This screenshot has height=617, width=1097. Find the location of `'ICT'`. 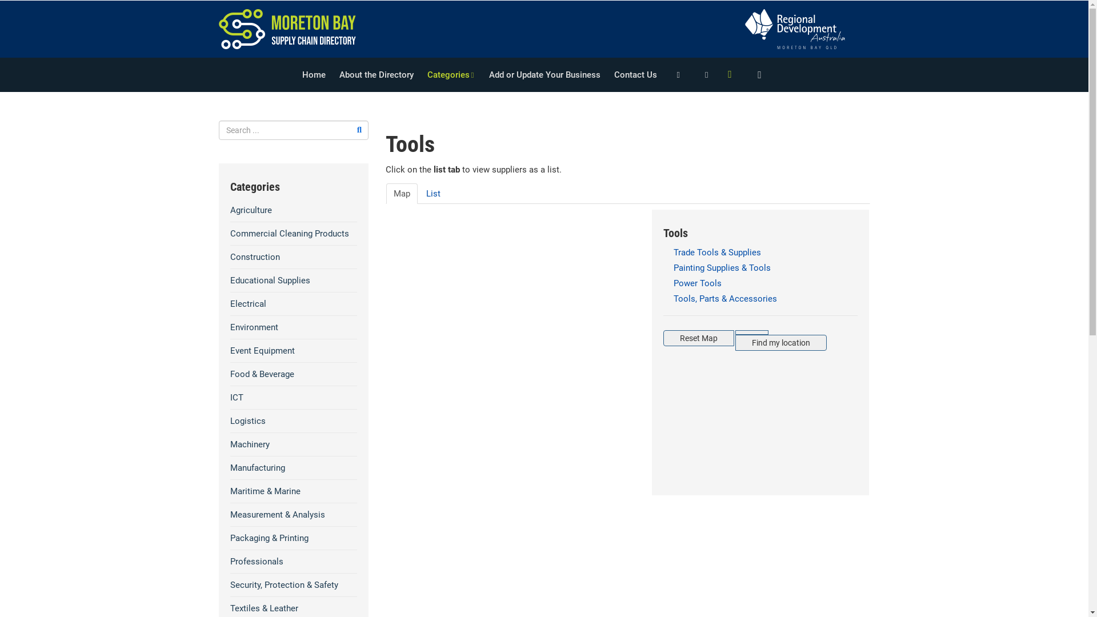

'ICT' is located at coordinates (229, 396).